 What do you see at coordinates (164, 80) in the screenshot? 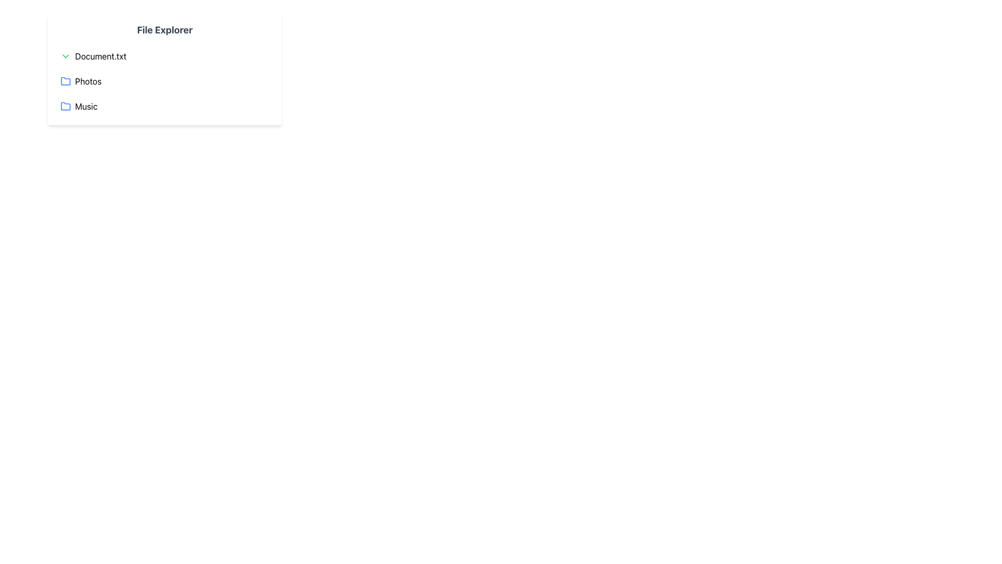
I see `the list item representing the directory named 'Photos' in the File Explorer interface to activate hover effects` at bounding box center [164, 80].